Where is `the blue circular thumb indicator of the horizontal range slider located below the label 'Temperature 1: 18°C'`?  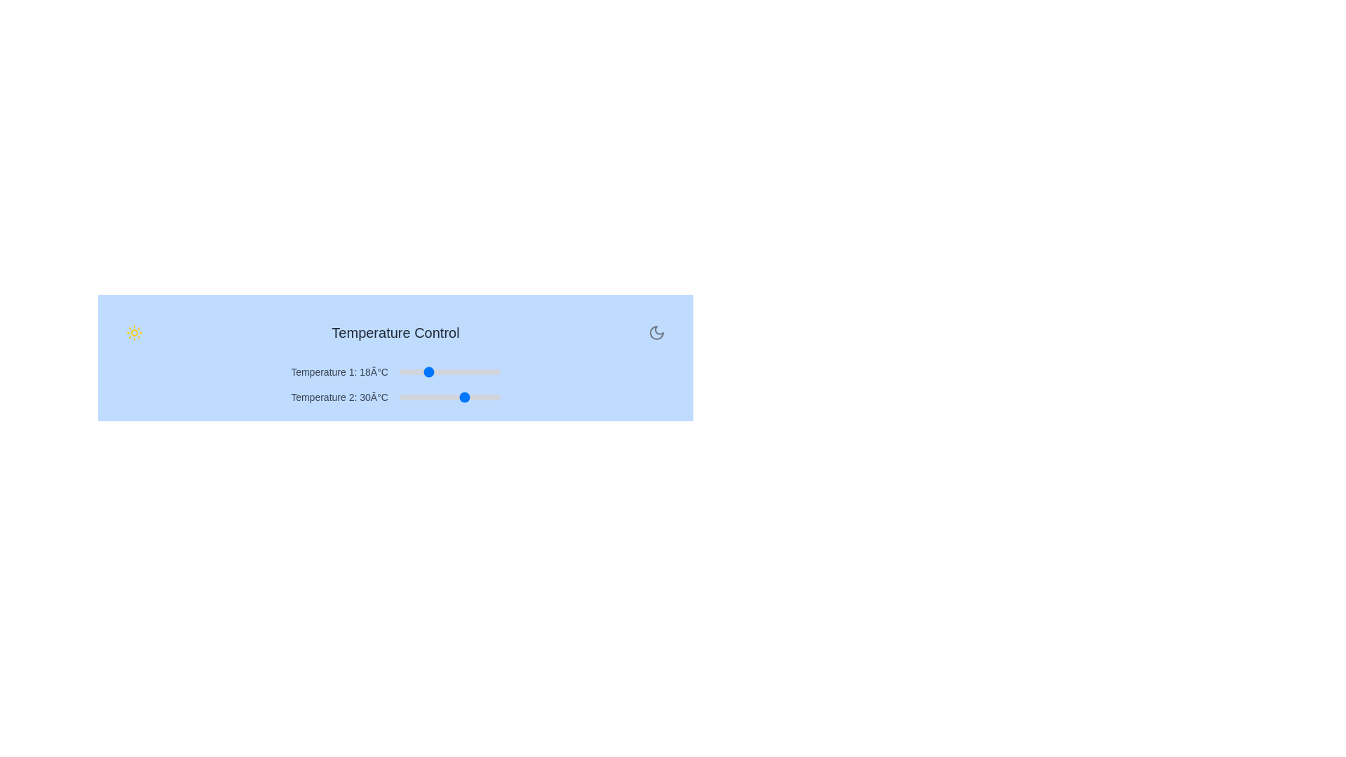 the blue circular thumb indicator of the horizontal range slider located below the label 'Temperature 1: 18°C' is located at coordinates (449, 371).